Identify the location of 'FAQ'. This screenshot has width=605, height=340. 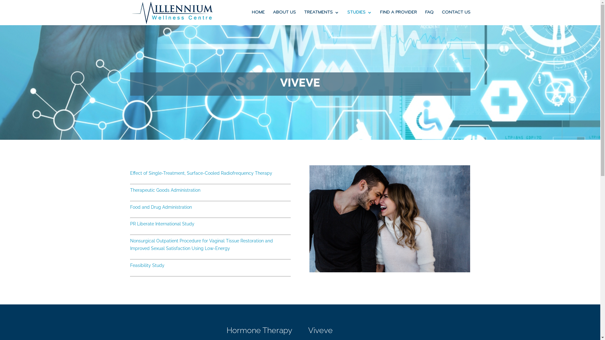
(425, 17).